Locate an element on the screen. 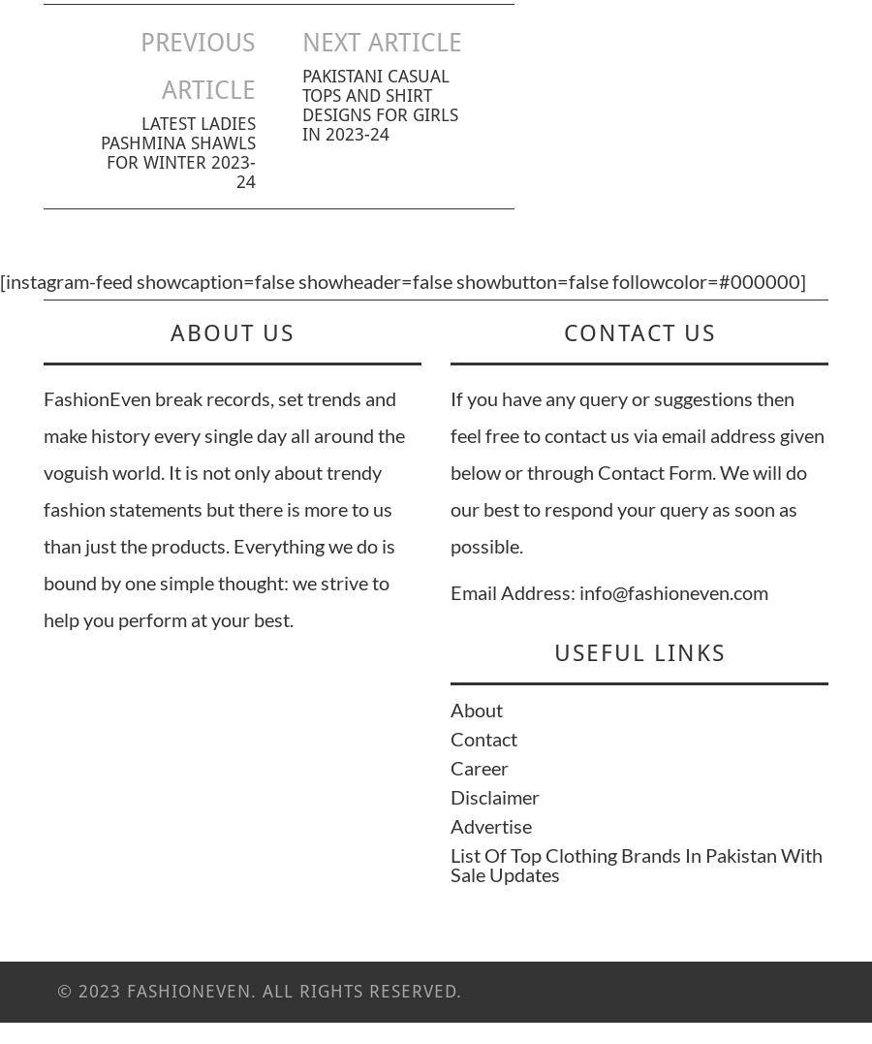 The image size is (872, 1044). 'If you have any query or suggestions then feel free to contact us via email address given below or through Contact Form. We will do our best to respond your query as soon as possible.' is located at coordinates (637, 472).